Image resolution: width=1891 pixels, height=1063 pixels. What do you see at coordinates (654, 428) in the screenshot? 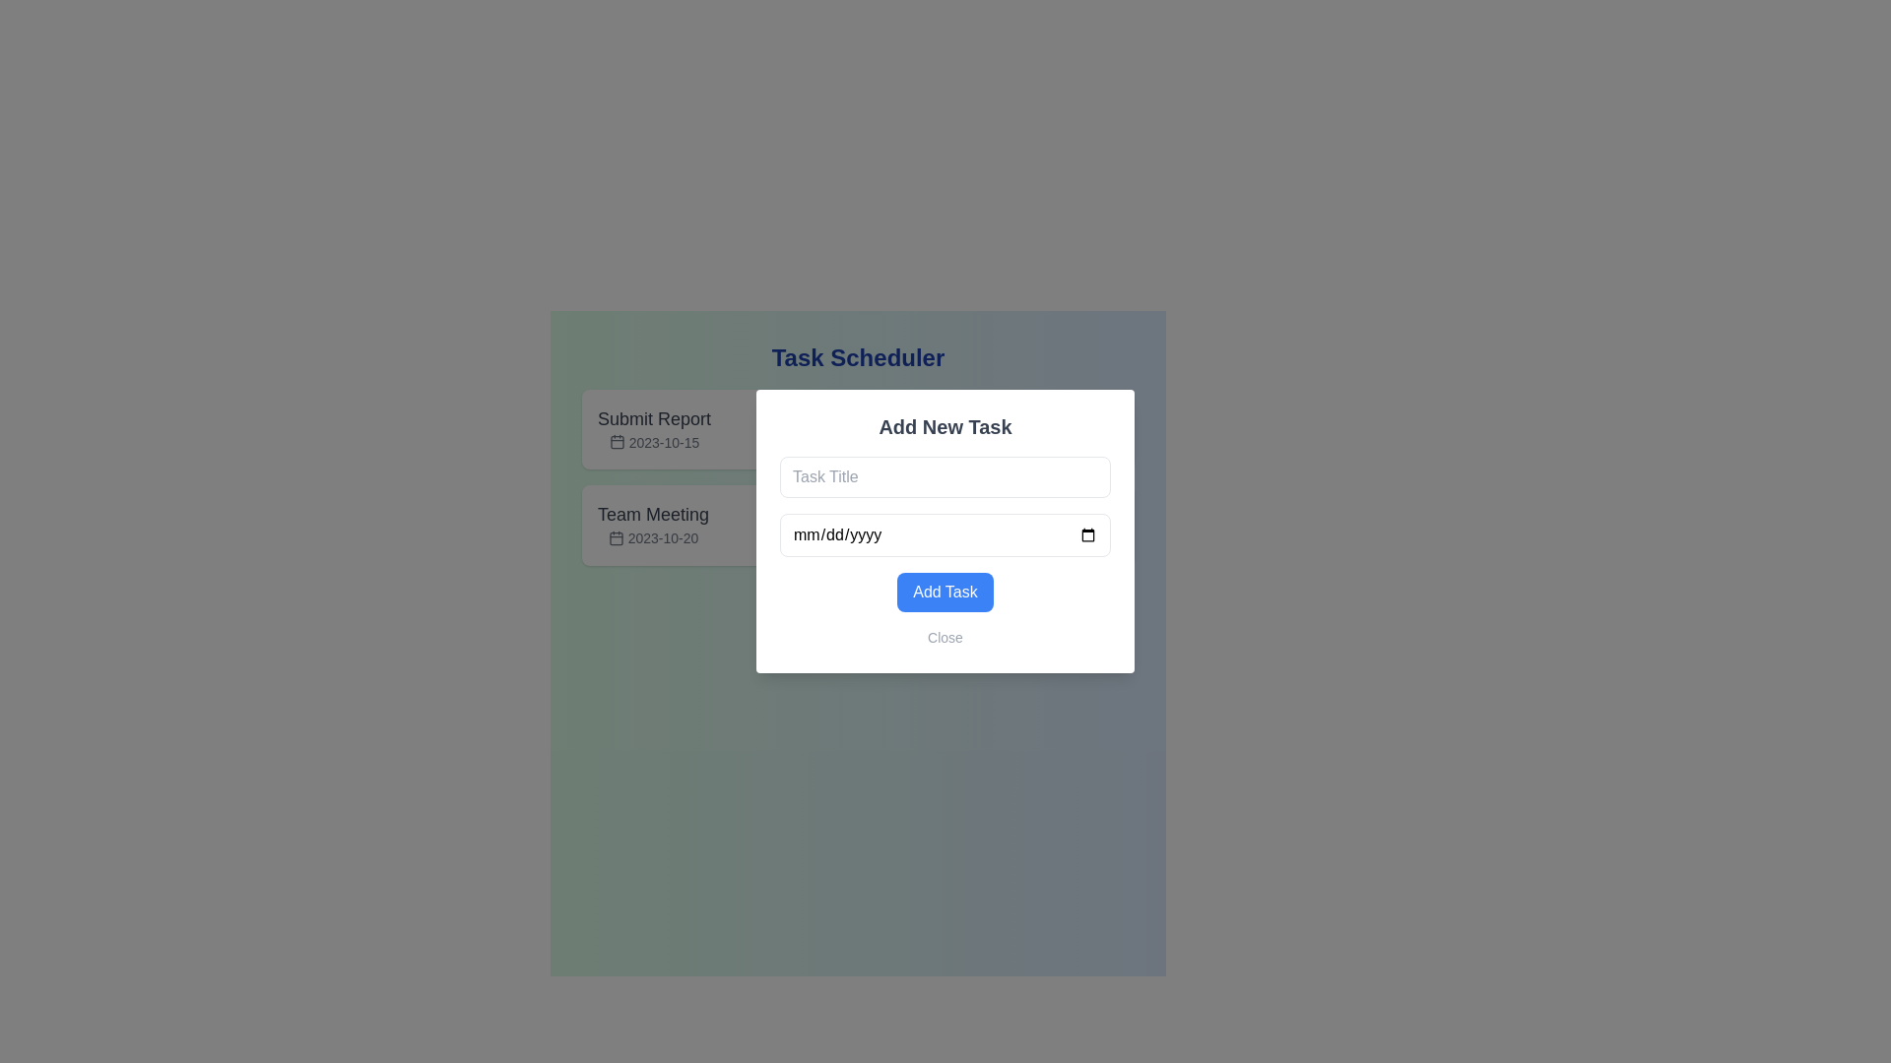
I see `the 'Submit Report' label, which is a prominent static textual display styled in a large bold typeface and accompanied by a smaller date text and a calendar icon, located in the top-left corner of the 'Task Scheduler' section` at bounding box center [654, 428].